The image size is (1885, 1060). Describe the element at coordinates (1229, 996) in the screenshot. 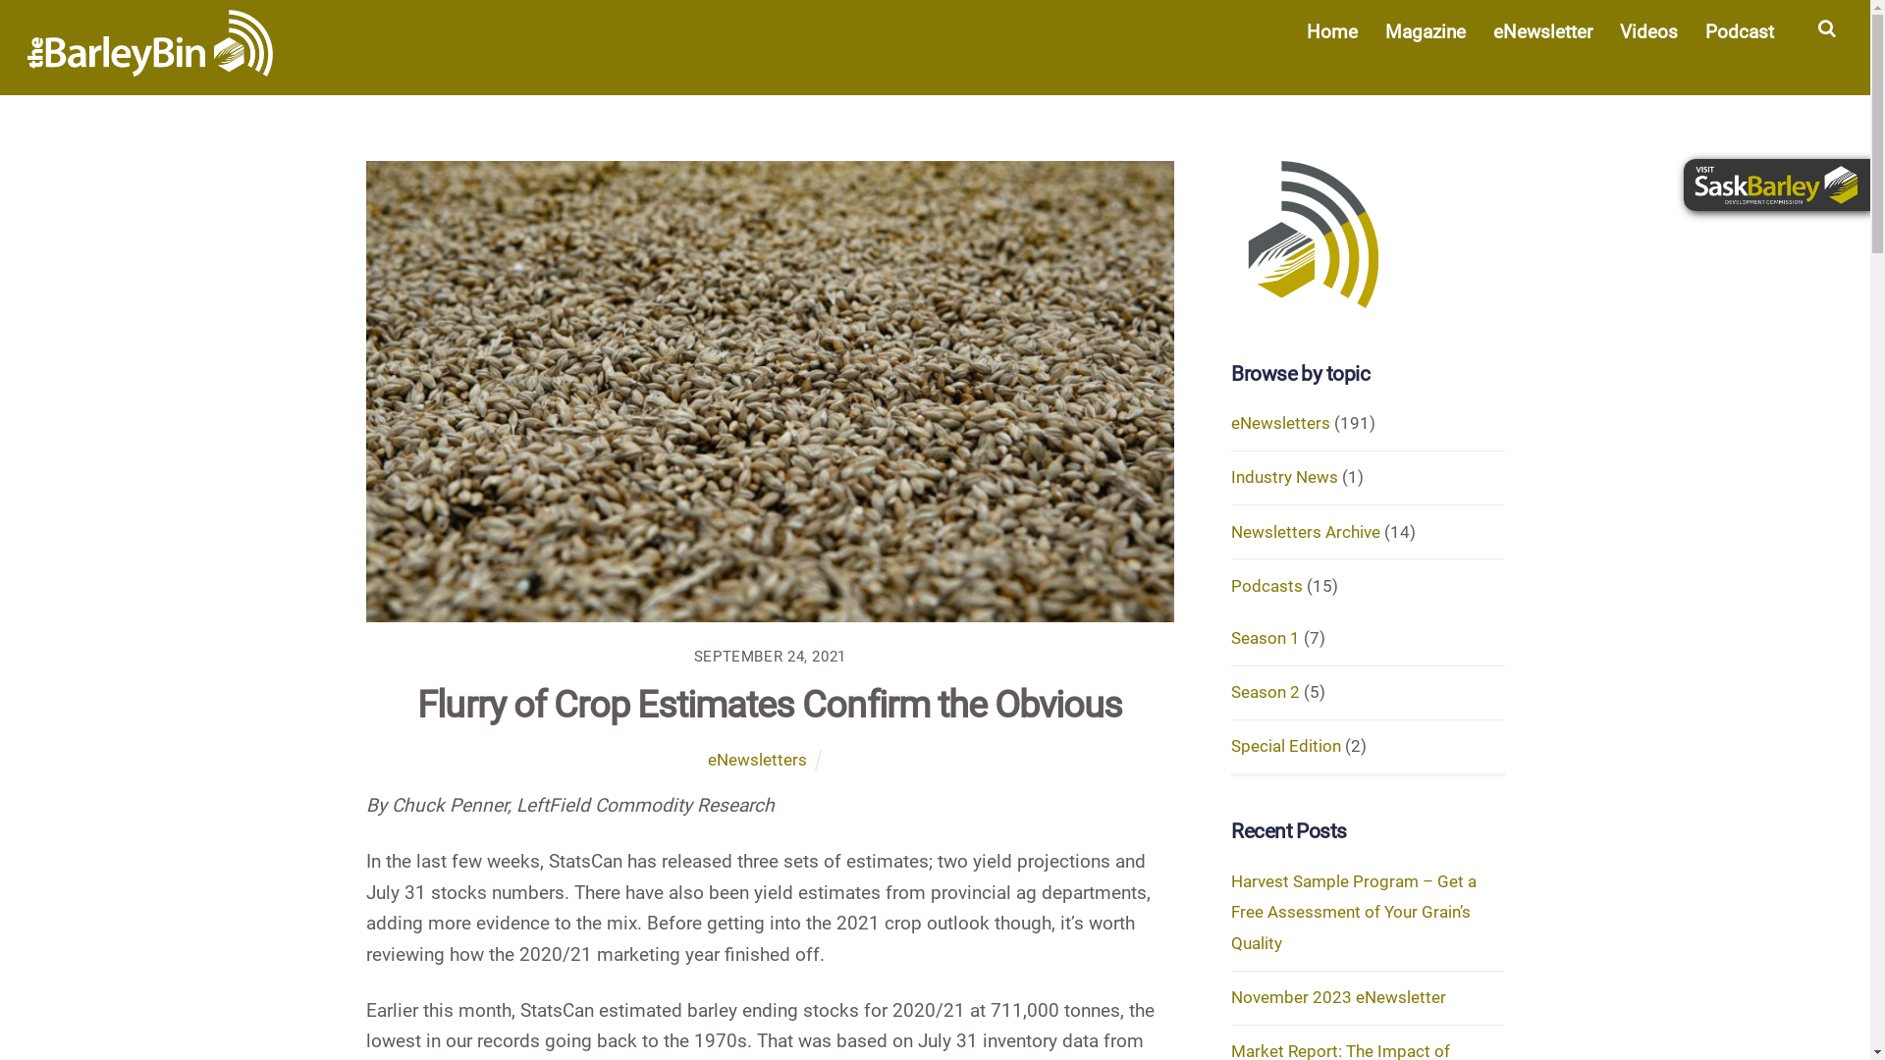

I see `'November 2023 eNewsletter'` at that location.